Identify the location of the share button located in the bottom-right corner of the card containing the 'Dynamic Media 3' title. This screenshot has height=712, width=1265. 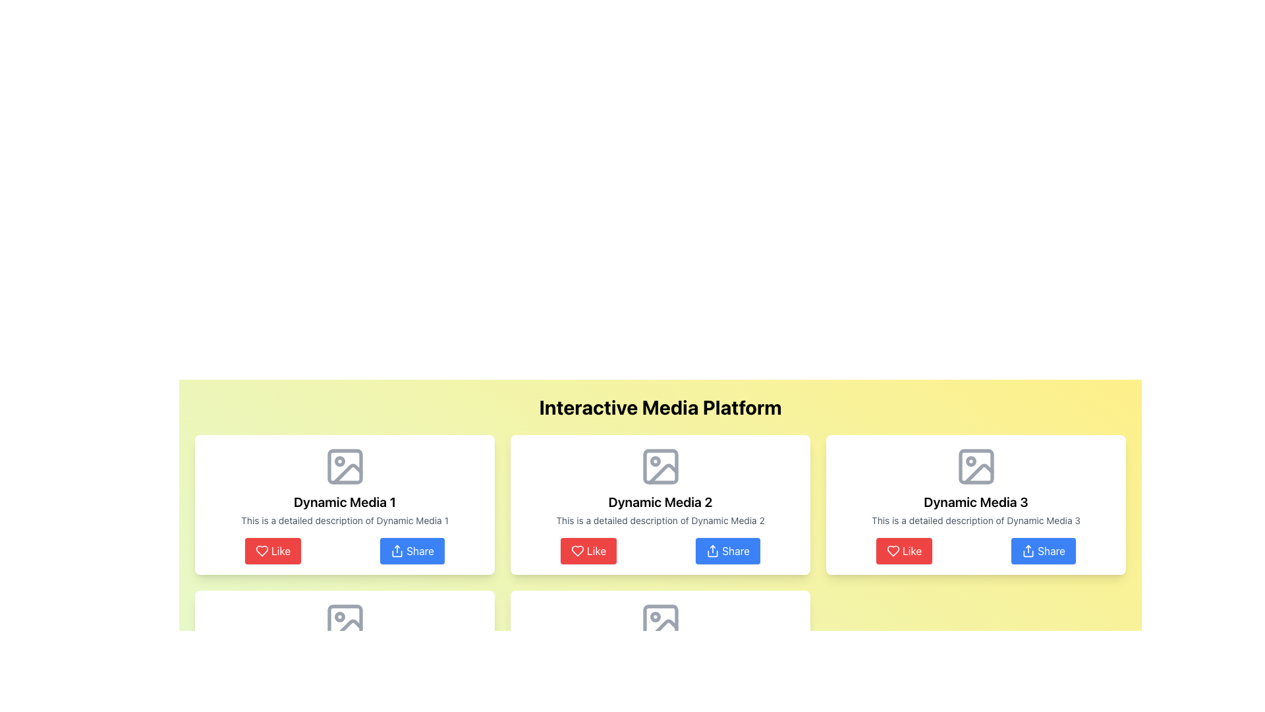
(1043, 551).